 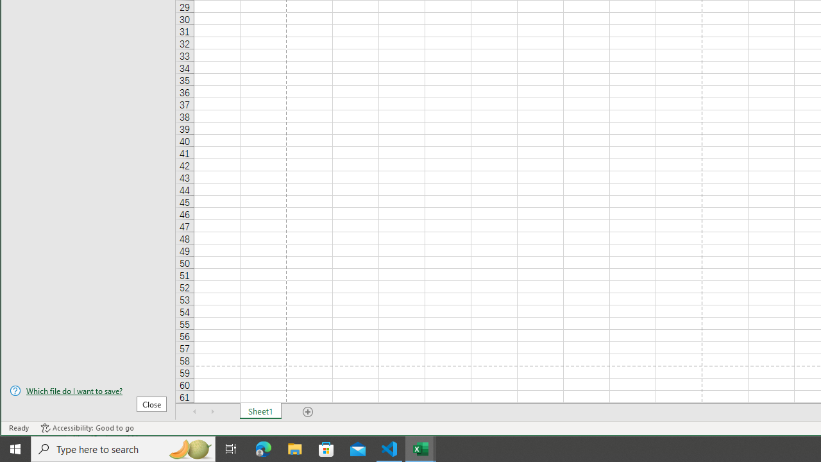 What do you see at coordinates (326, 448) in the screenshot?
I see `'Microsoft Store'` at bounding box center [326, 448].